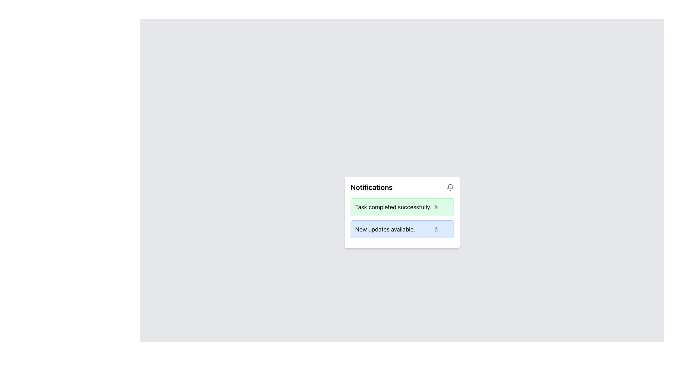  Describe the element at coordinates (402, 229) in the screenshot. I see `the dismiss button on the second notification box that informs about new updates` at that location.